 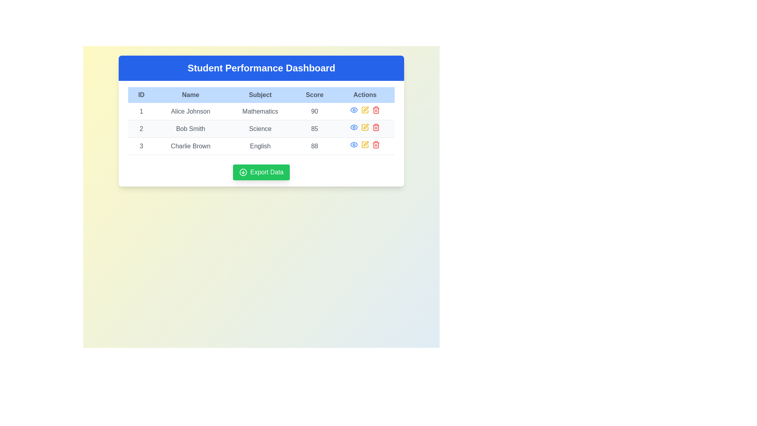 I want to click on the interactive button in the 'Actions' column of the second row to initiate editing for 'Bob Smith' and 'Science', so click(x=364, y=127).